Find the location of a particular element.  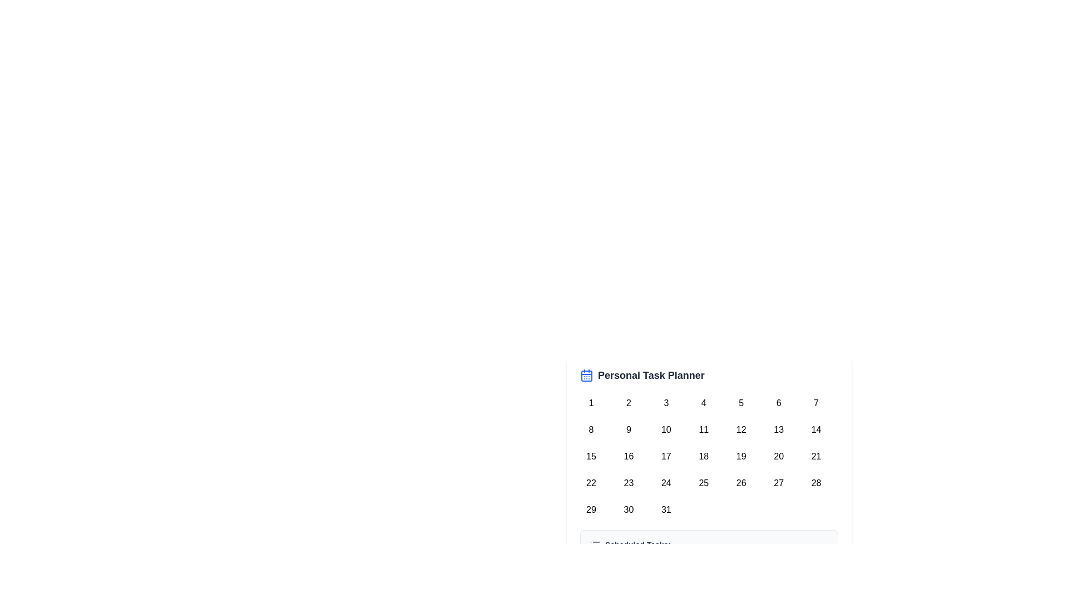

the button representing the 27th day of the month in the calendar interface is located at coordinates (778, 483).